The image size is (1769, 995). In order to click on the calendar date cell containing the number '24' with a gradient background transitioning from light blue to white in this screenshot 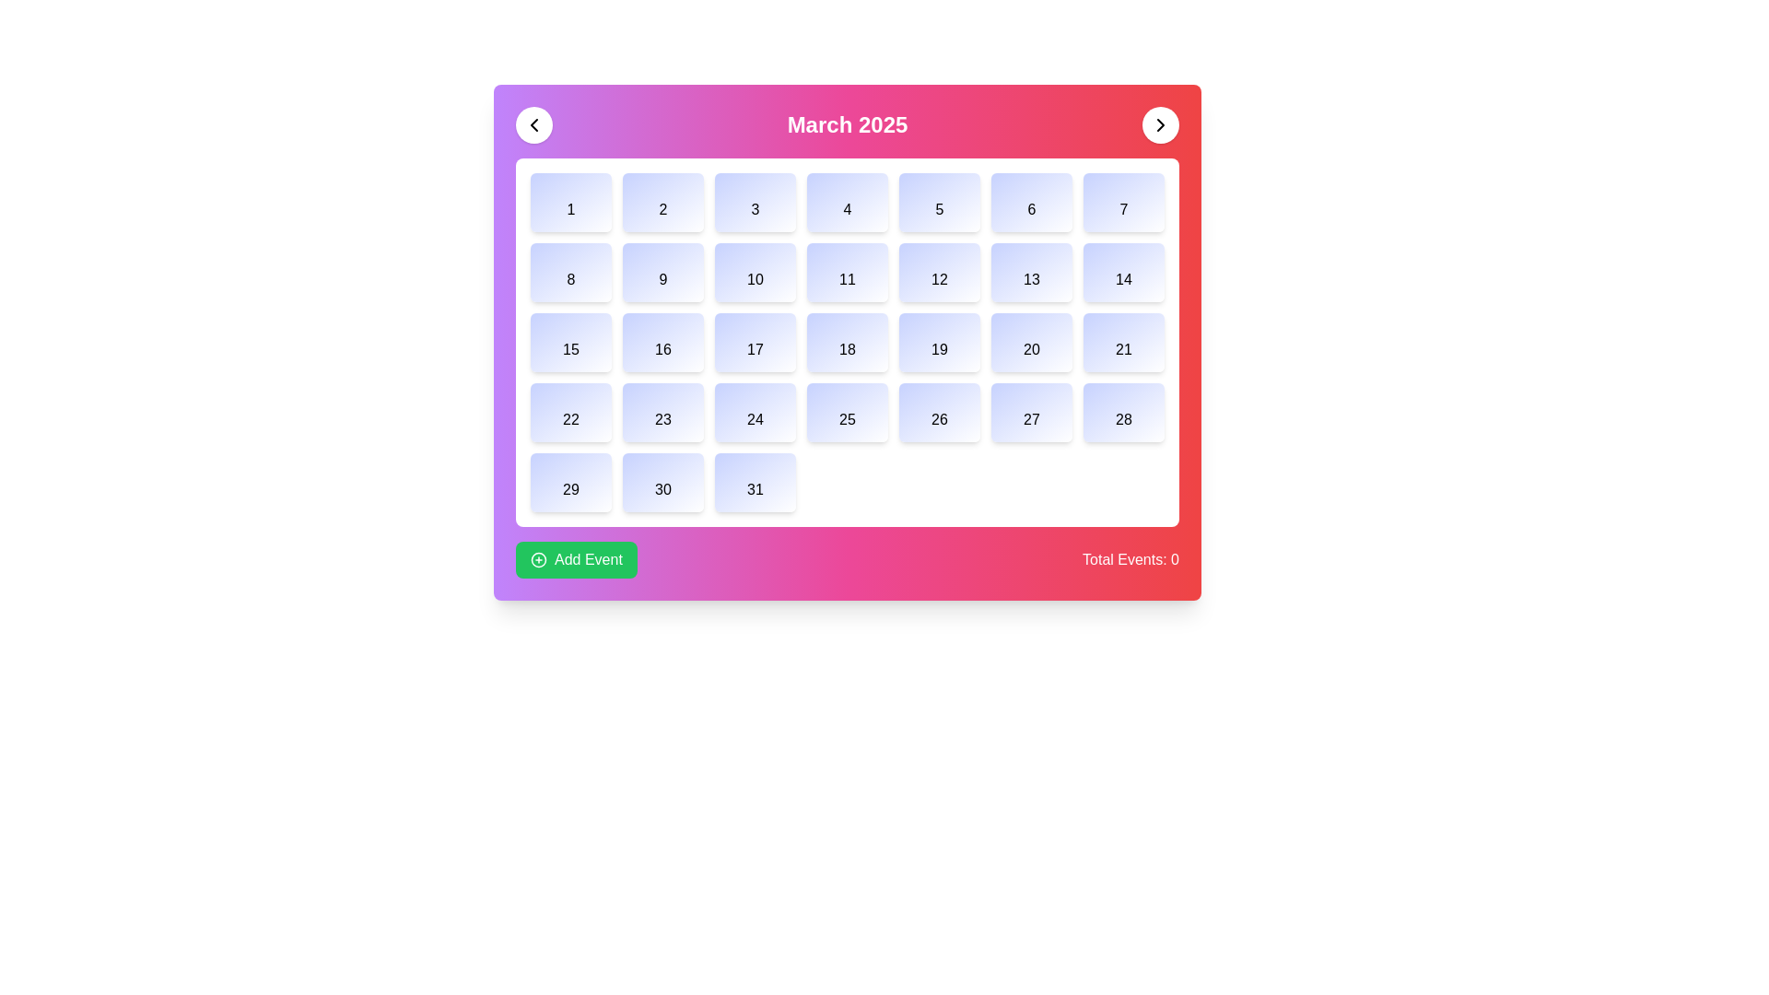, I will do `click(756, 411)`.